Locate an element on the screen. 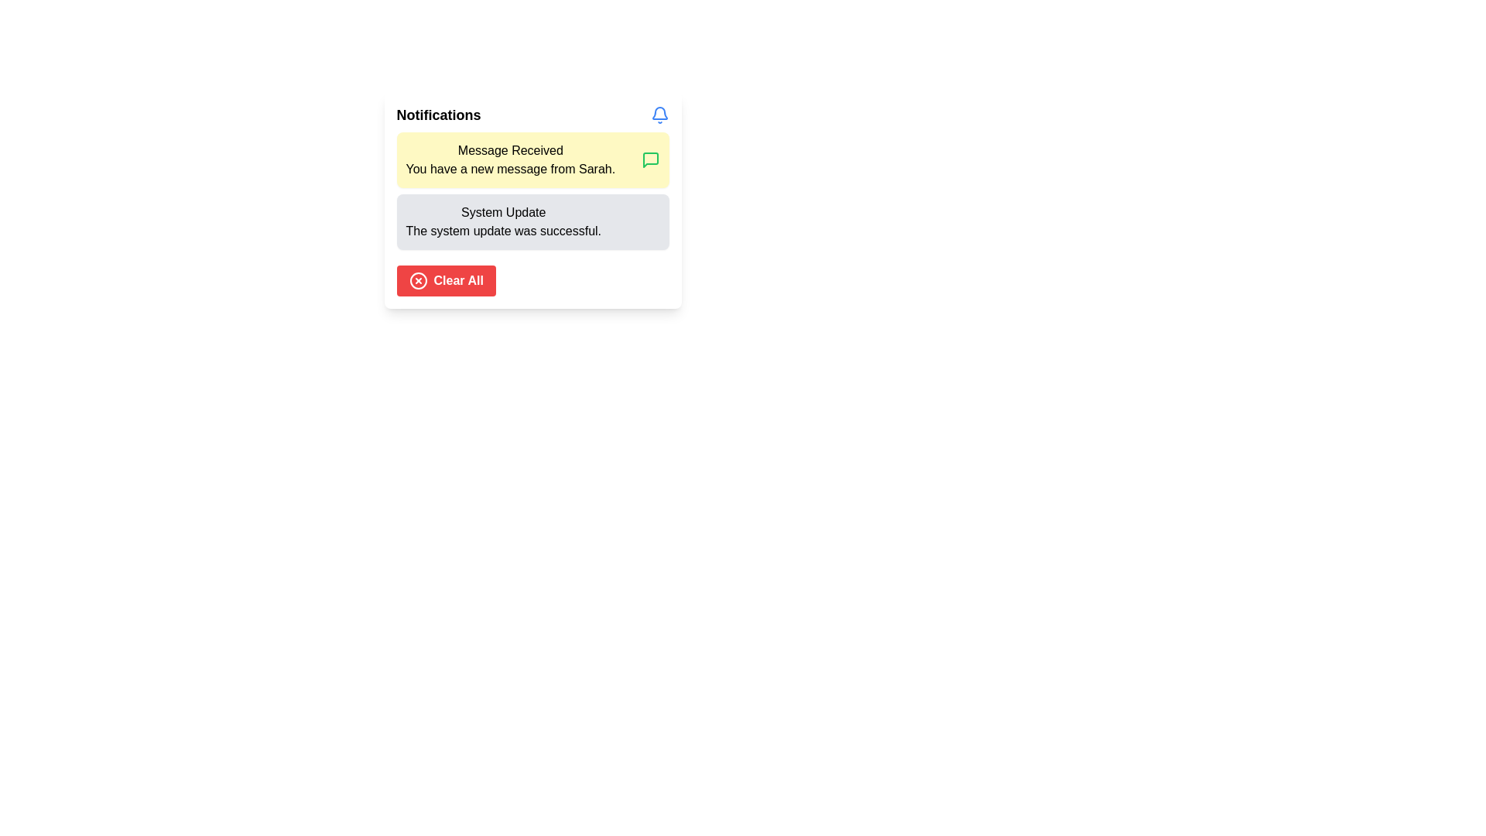 The height and width of the screenshot is (836, 1486). the Text Display element located in the Notifications section, which provides feedback about the successful completion of a system update is located at coordinates (503, 221).